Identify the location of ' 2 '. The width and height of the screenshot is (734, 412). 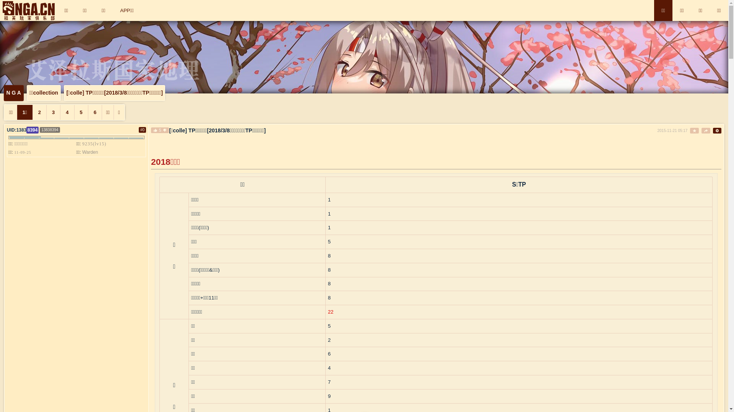
(39, 112).